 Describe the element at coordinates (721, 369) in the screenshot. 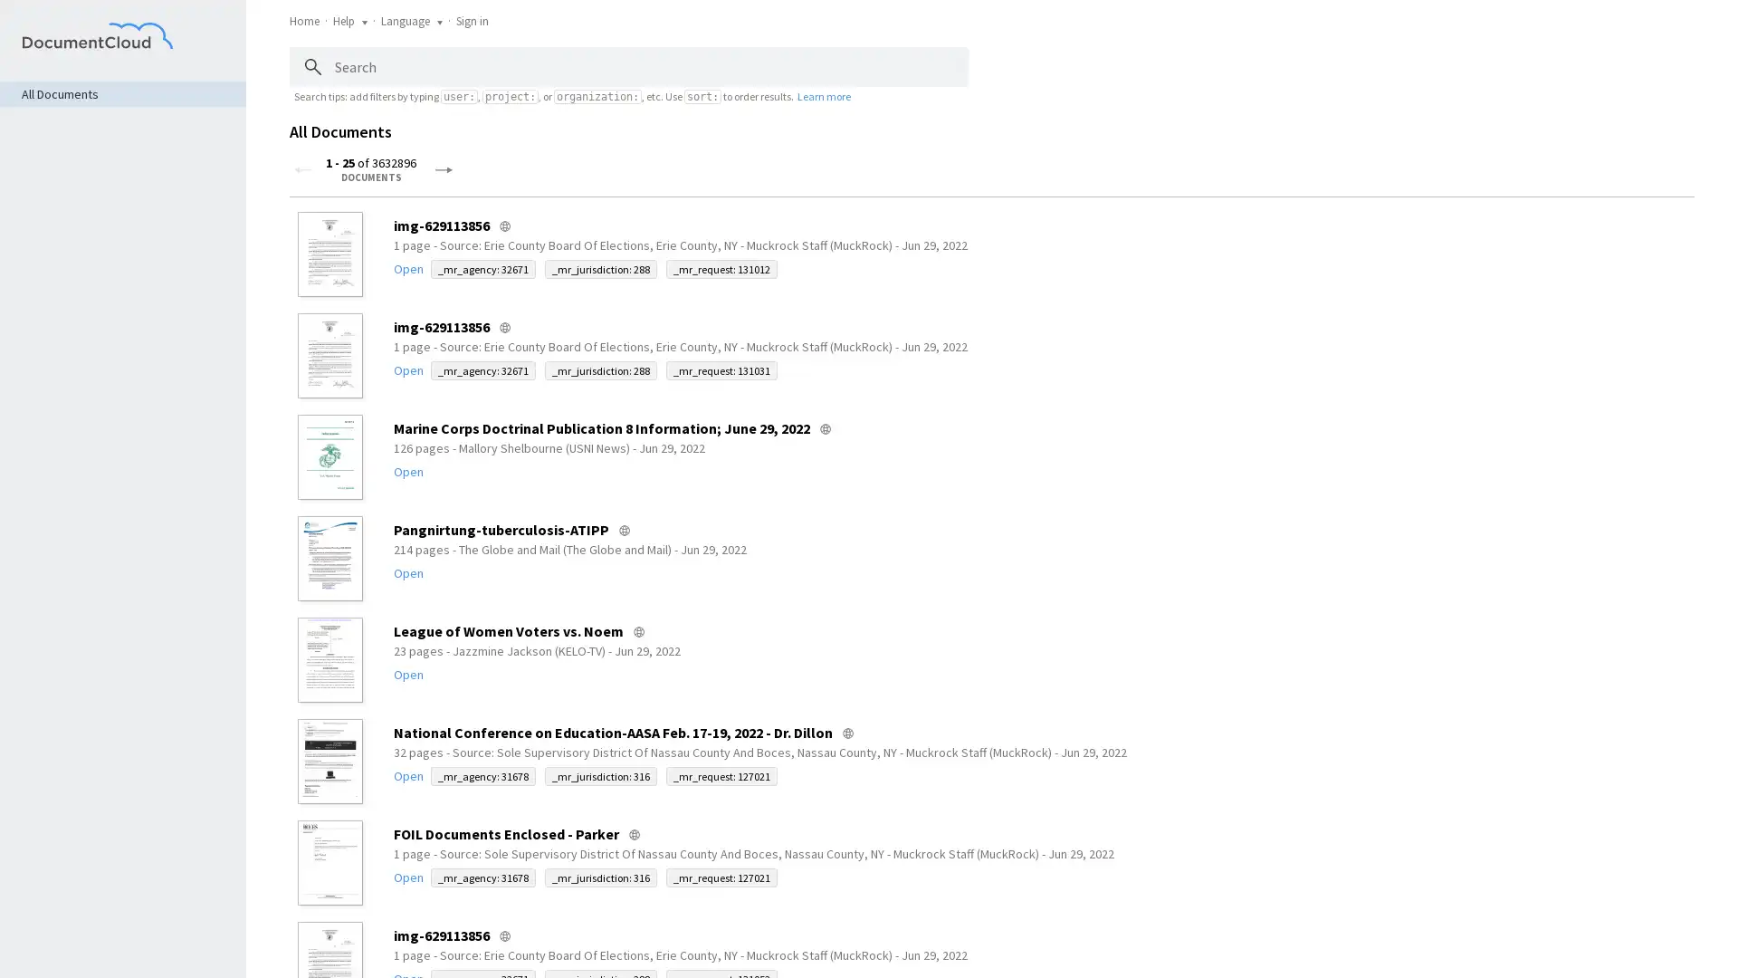

I see `_mr_request: 131031` at that location.